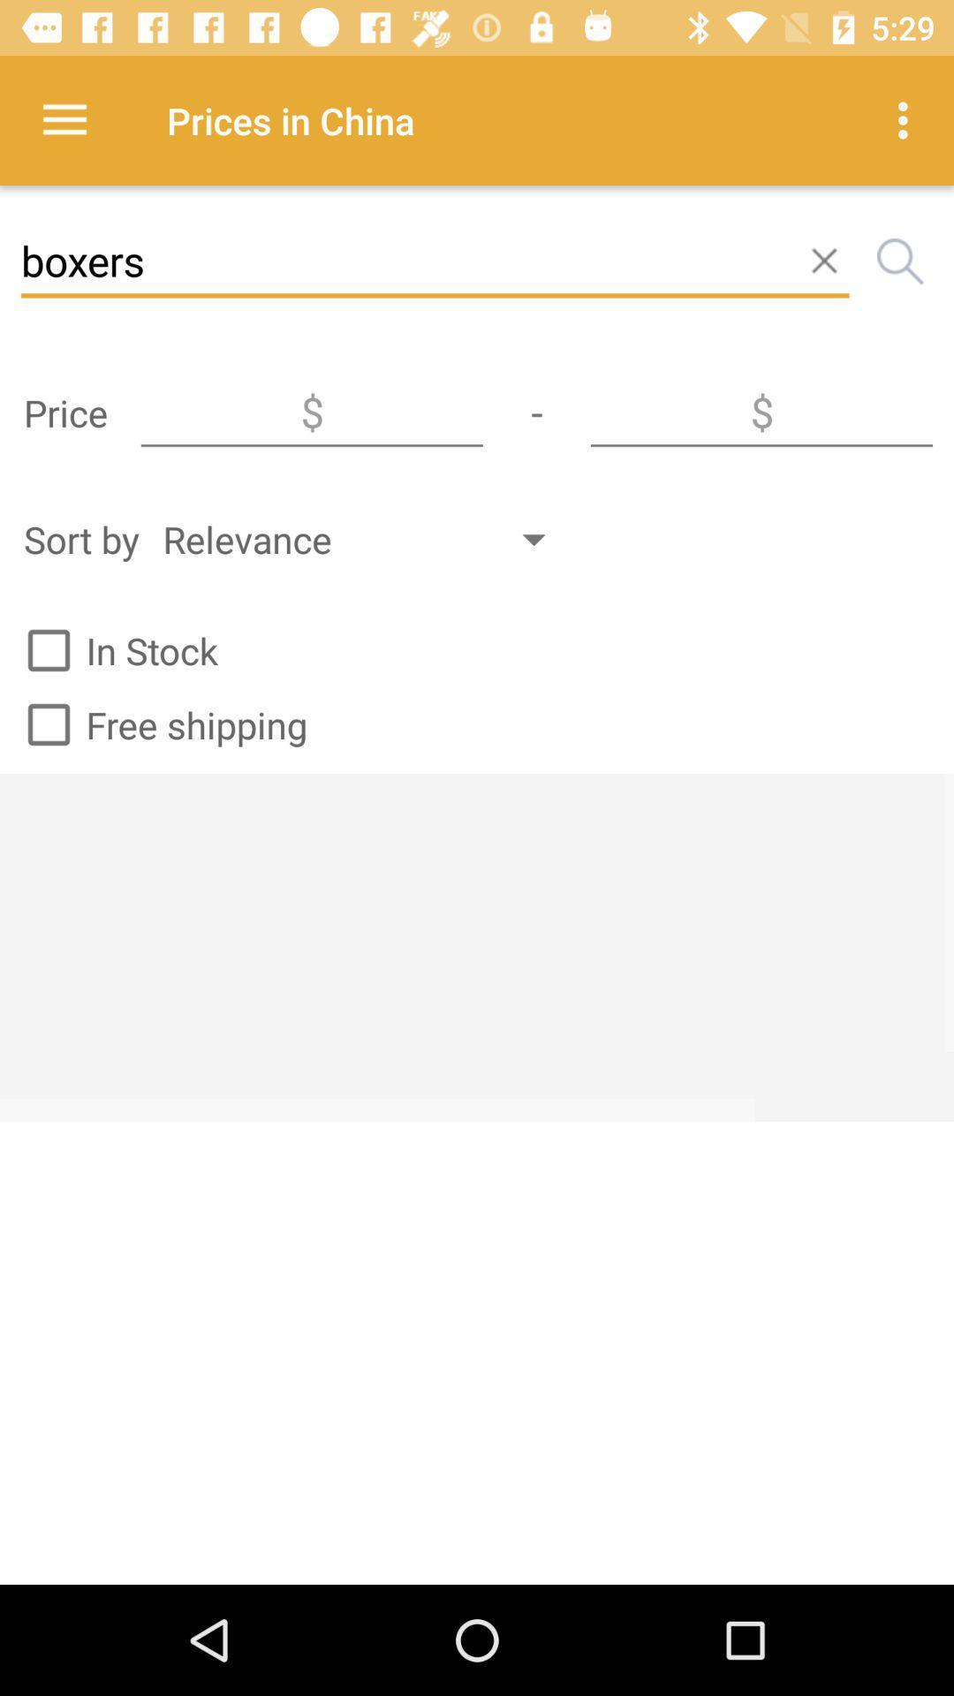 This screenshot has height=1696, width=954. I want to click on the item below free shipping item, so click(477, 946).